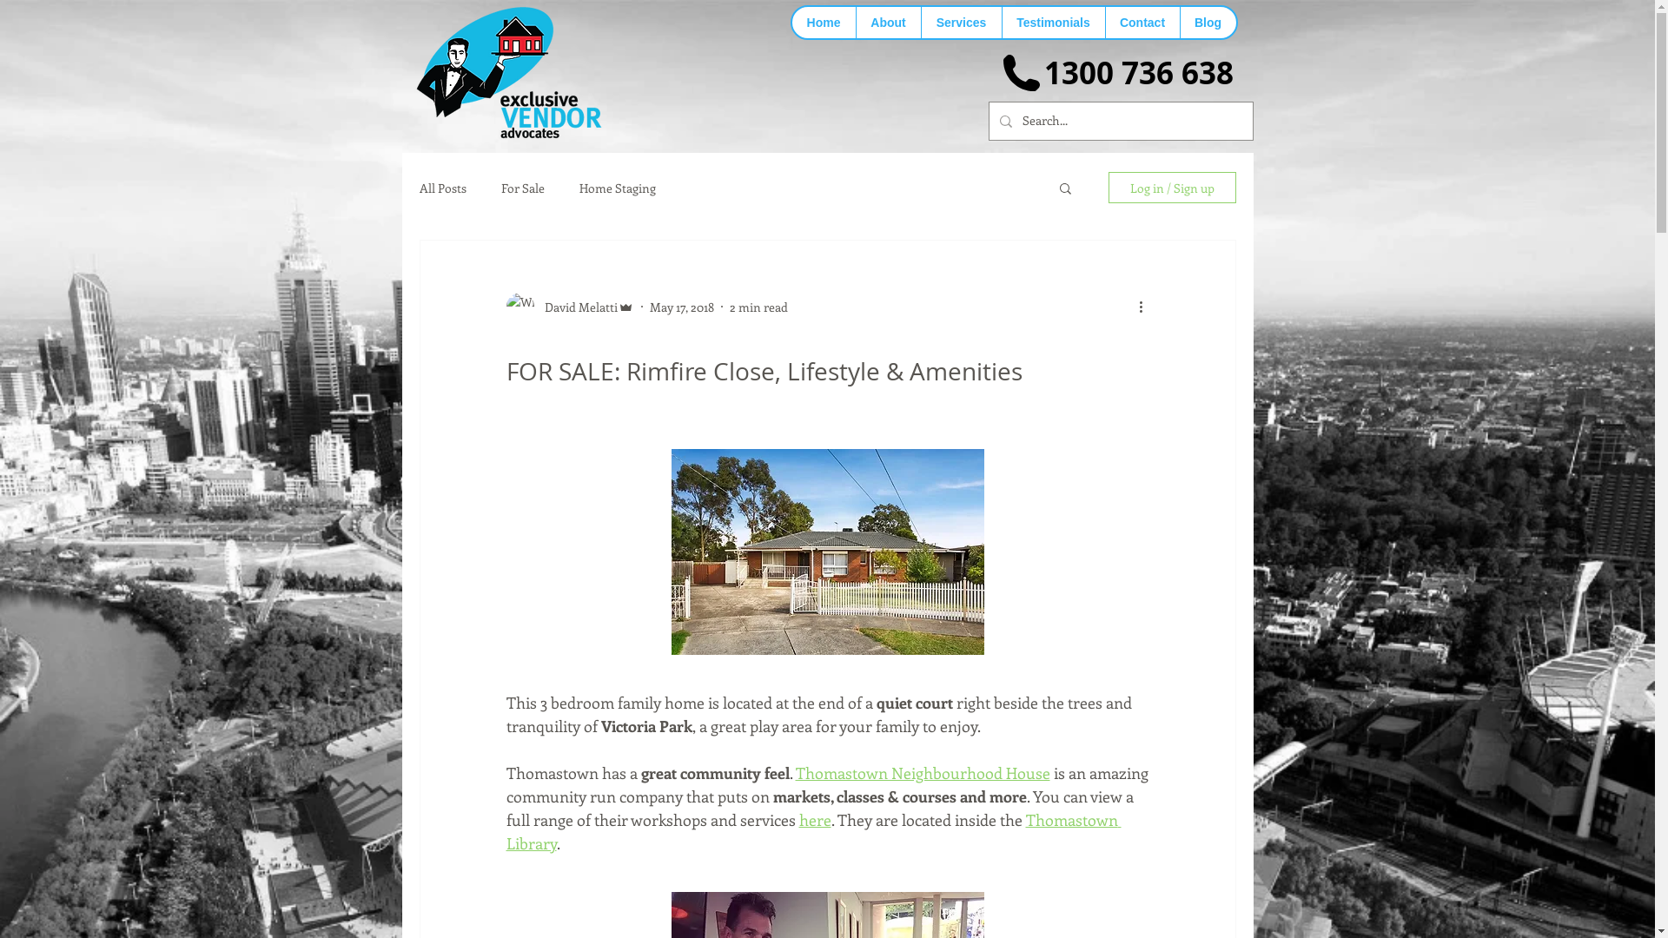  What do you see at coordinates (1108, 188) in the screenshot?
I see `'Log in / Sign up'` at bounding box center [1108, 188].